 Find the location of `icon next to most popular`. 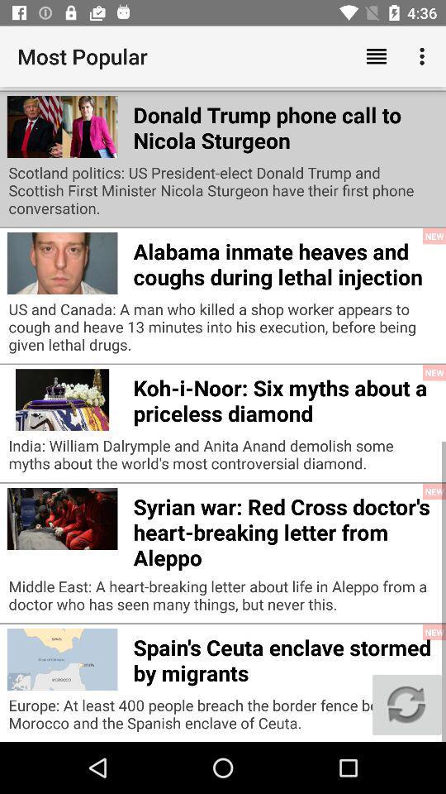

icon next to most popular is located at coordinates (376, 56).